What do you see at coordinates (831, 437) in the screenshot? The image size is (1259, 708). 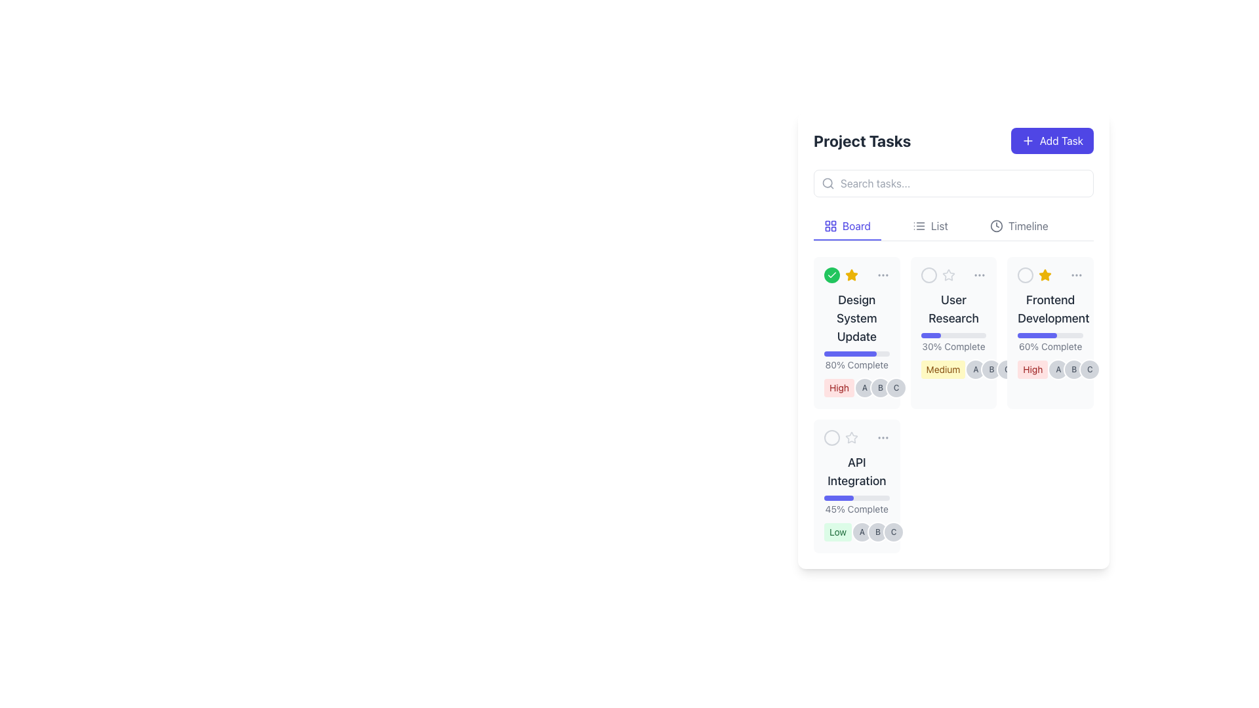 I see `the interactive button located in the lower left corner of the 'API Integration' task card` at bounding box center [831, 437].